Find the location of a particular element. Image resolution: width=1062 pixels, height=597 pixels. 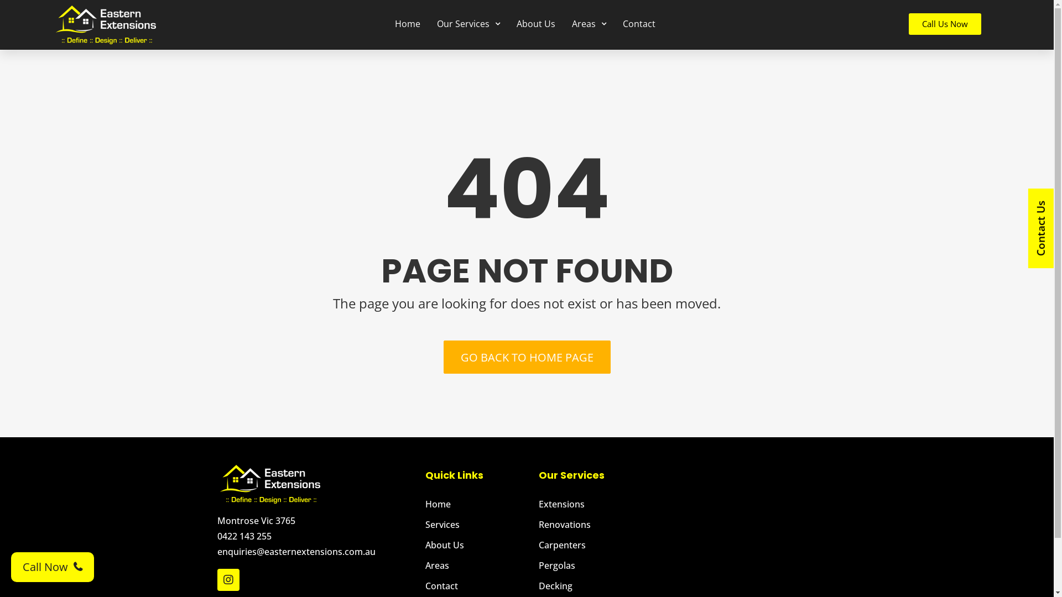

'Extensions' is located at coordinates (539, 504).